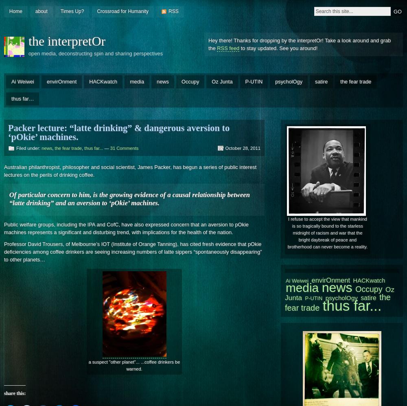  I want to click on 'to stay updated. See you around!', so click(278, 48).